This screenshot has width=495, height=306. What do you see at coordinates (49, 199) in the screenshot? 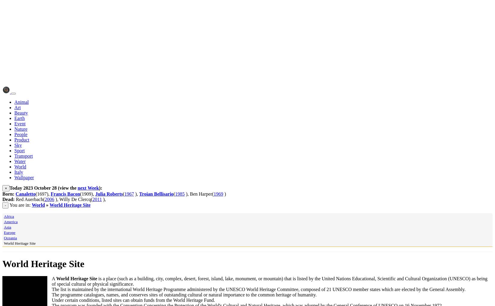
I see `'2006'` at bounding box center [49, 199].